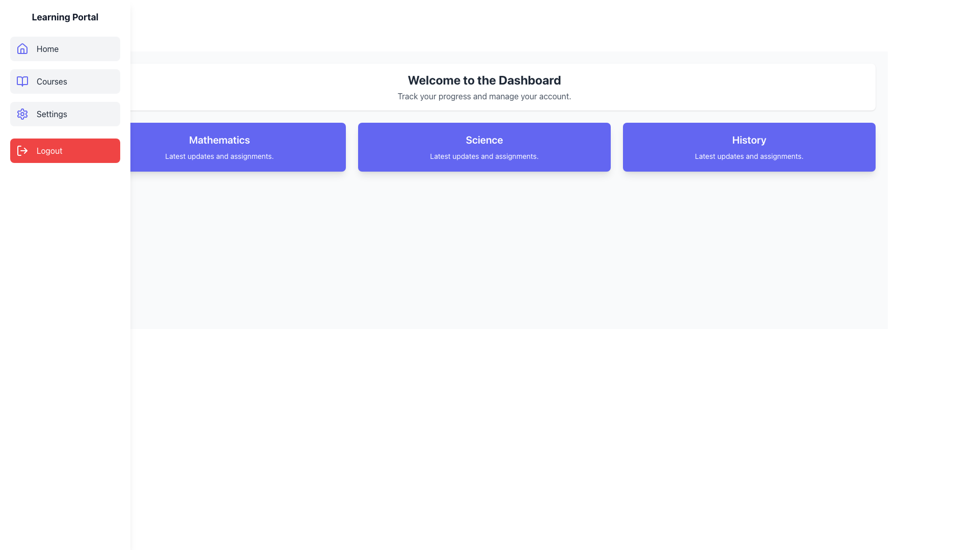 This screenshot has width=978, height=550. I want to click on text displayed in the text label showing 'Latest updates and assignments.' which is located below the title 'Science' on a blue card, so click(483, 156).